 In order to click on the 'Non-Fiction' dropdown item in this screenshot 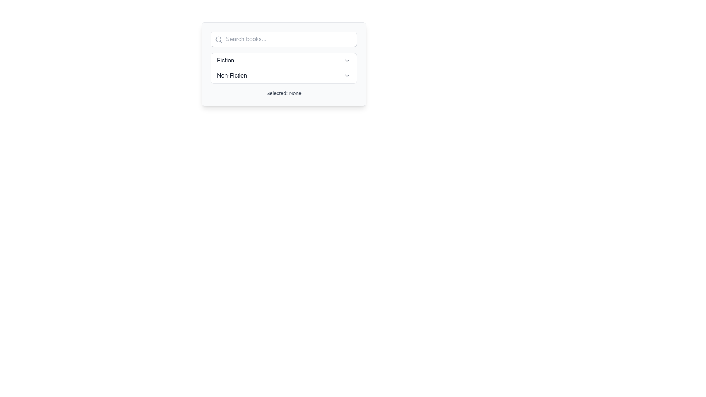, I will do `click(284, 76)`.